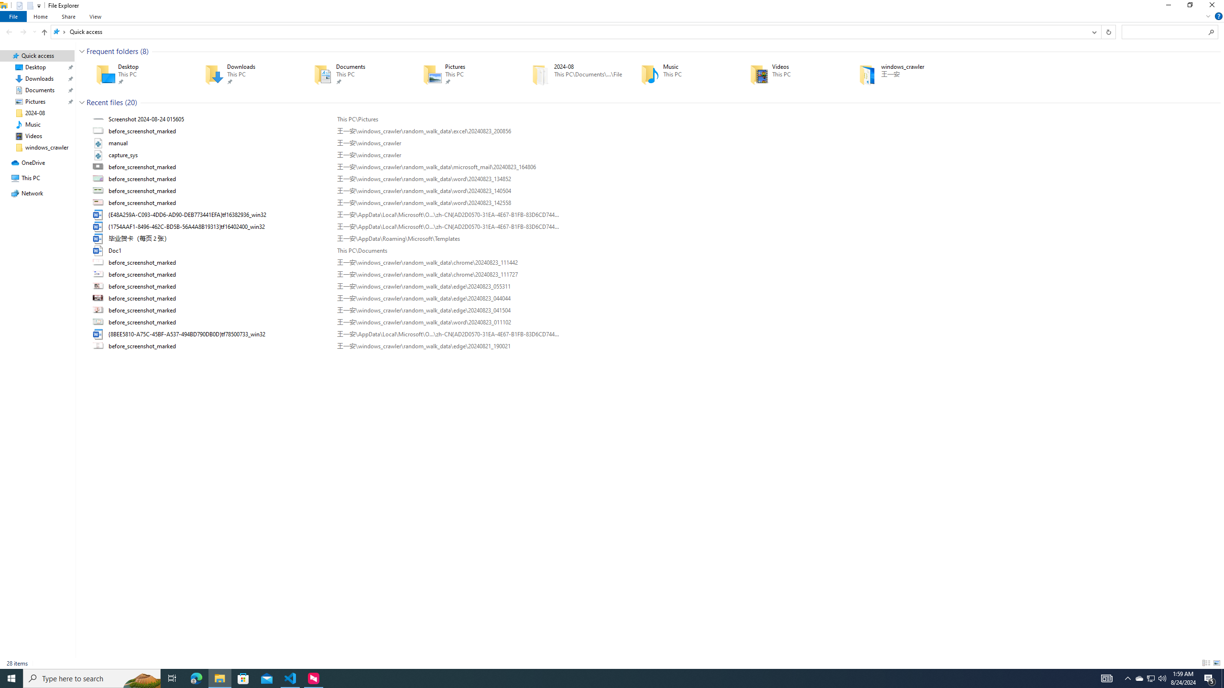  Describe the element at coordinates (1189, 7) in the screenshot. I see `'Restore'` at that location.